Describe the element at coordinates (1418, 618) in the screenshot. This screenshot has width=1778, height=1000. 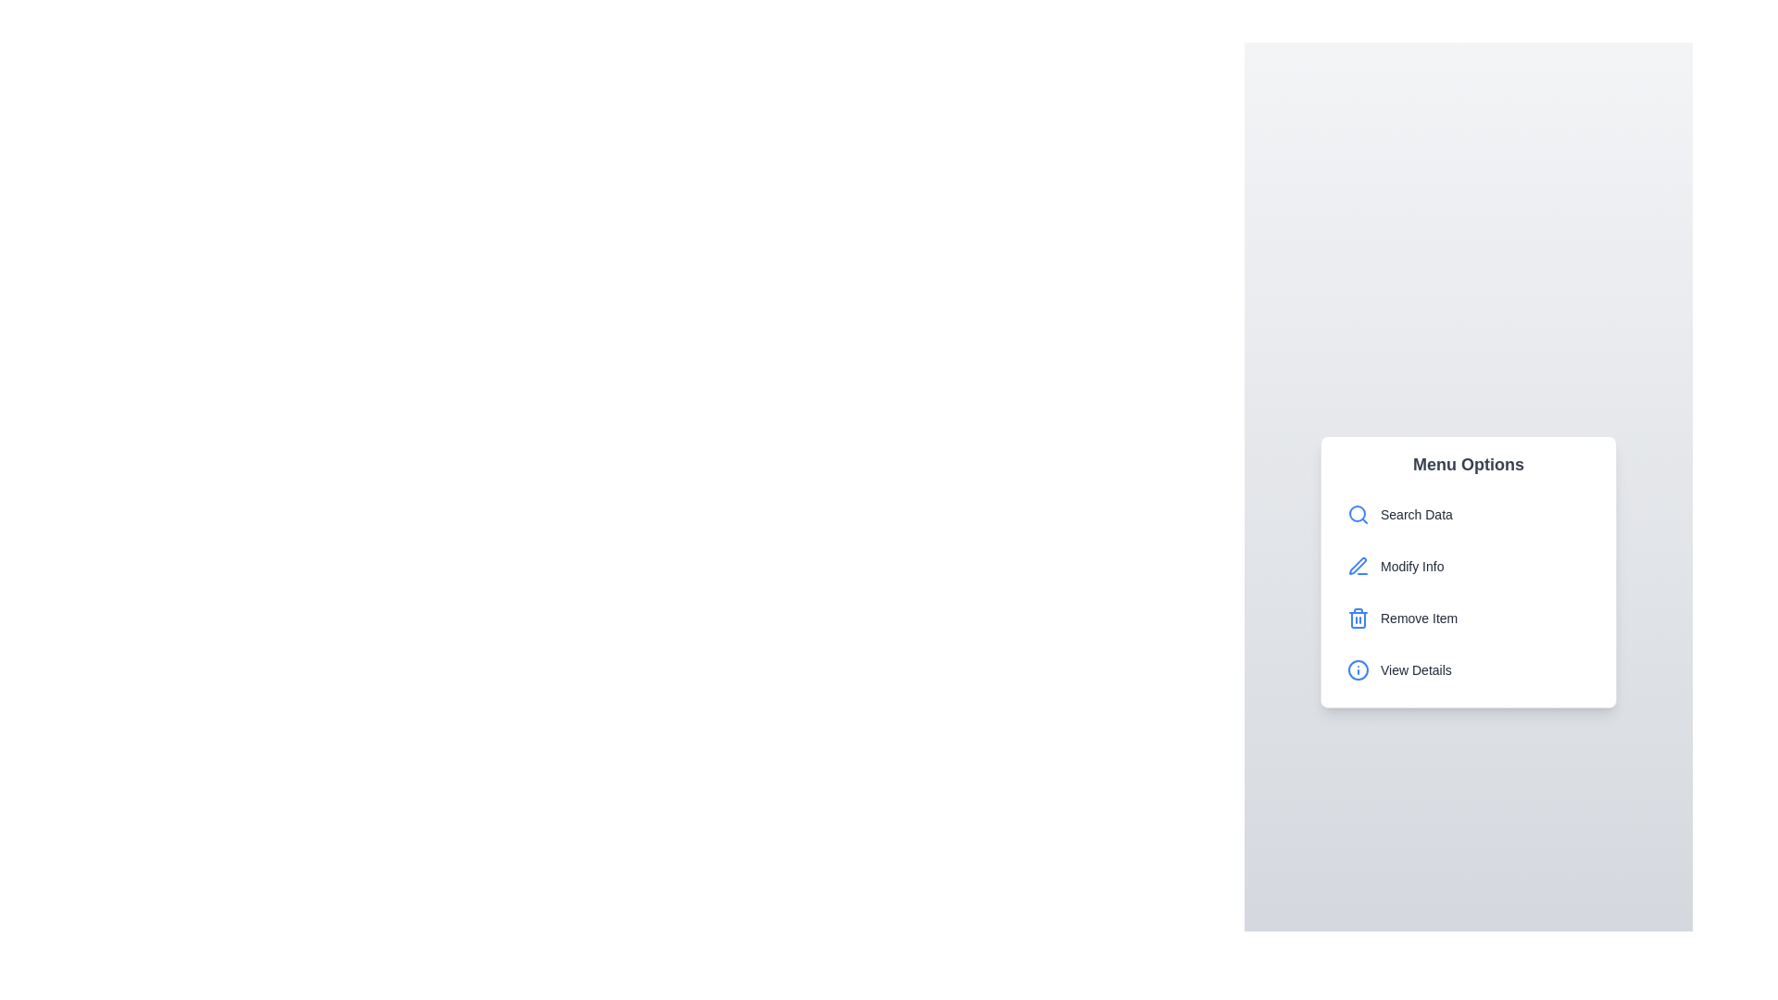
I see `the Text label that indicates the action to remove an item from a list, located in the third row of the 'Menu Options' vertical stack, to the right of a trash bin icon` at that location.